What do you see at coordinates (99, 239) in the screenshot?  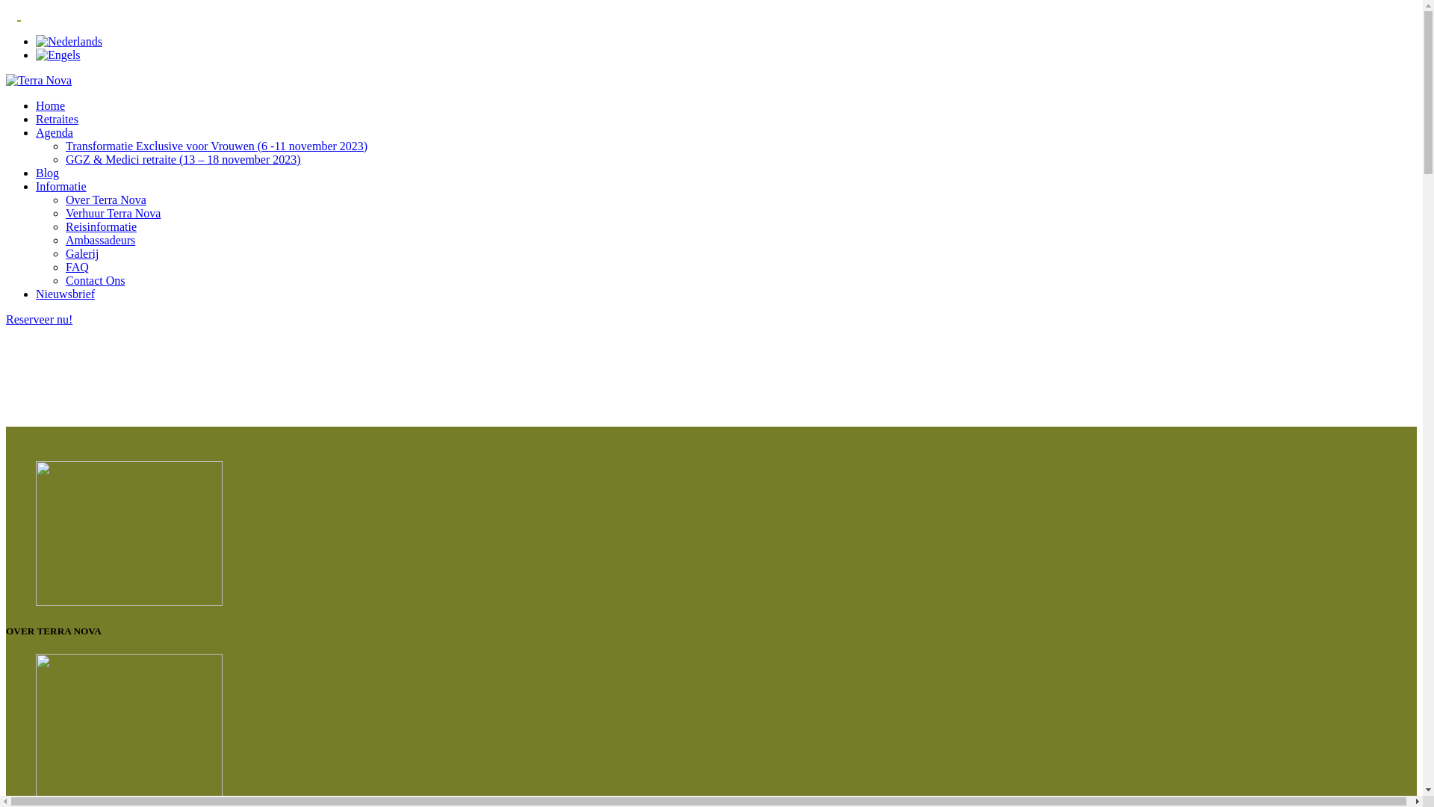 I see `'Ambassadeurs'` at bounding box center [99, 239].